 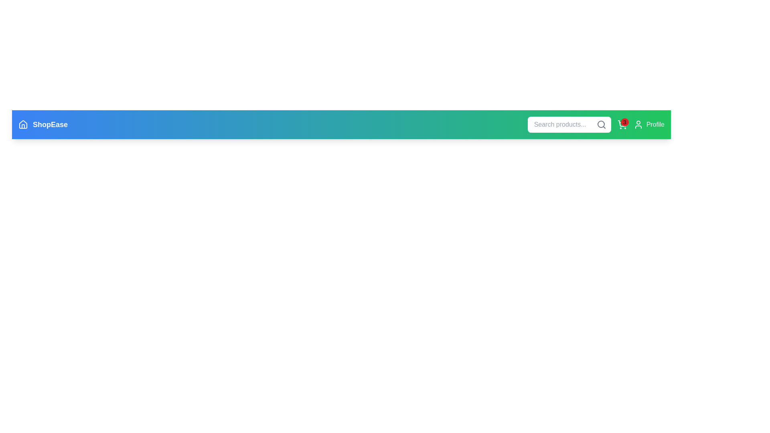 What do you see at coordinates (43, 125) in the screenshot?
I see `the text 'ShopEase' in the header to highlight it` at bounding box center [43, 125].